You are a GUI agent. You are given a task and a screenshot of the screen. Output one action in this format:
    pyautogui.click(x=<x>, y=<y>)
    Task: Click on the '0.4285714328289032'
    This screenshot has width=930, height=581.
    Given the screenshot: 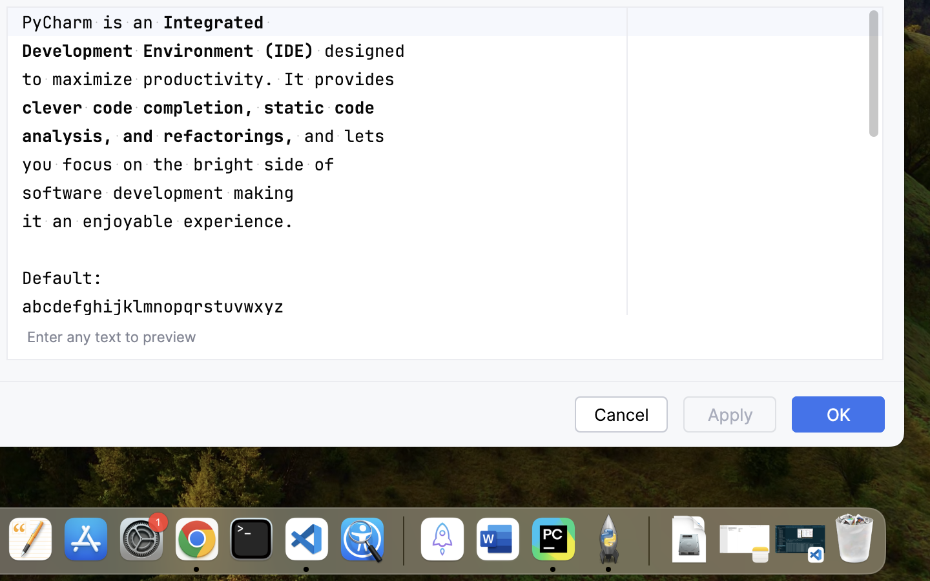 What is the action you would take?
    pyautogui.click(x=400, y=540)
    